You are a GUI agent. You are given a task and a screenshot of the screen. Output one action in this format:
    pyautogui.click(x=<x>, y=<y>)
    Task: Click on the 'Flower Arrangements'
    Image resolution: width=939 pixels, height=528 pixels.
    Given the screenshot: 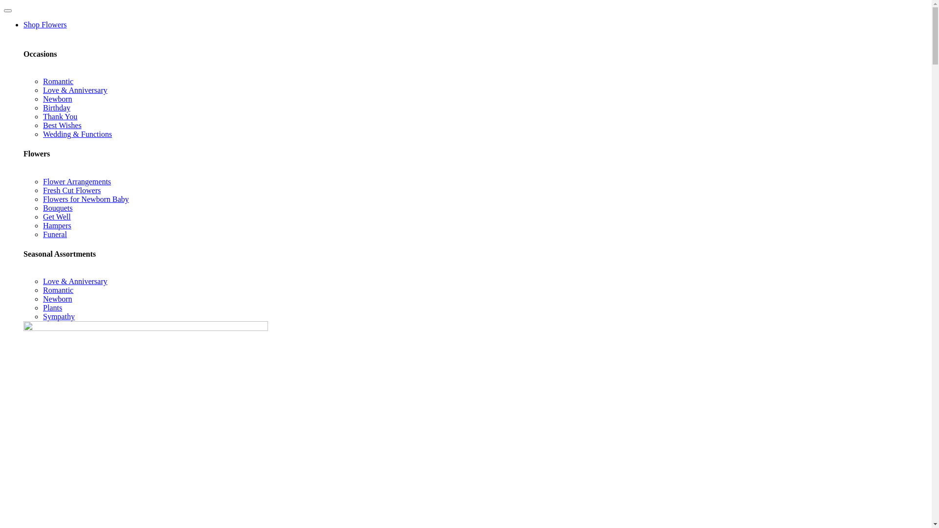 What is the action you would take?
    pyautogui.click(x=76, y=181)
    